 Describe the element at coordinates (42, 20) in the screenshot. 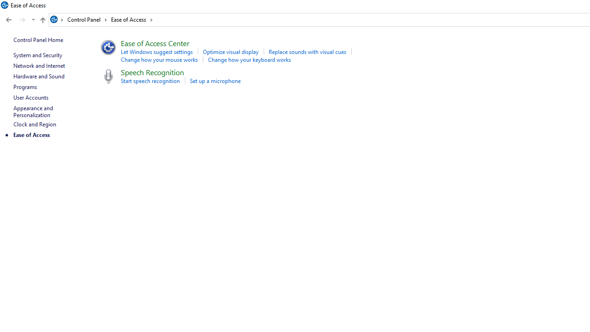

I see `'Up to "Control Panel" (Alt + Up Arrow)'` at that location.